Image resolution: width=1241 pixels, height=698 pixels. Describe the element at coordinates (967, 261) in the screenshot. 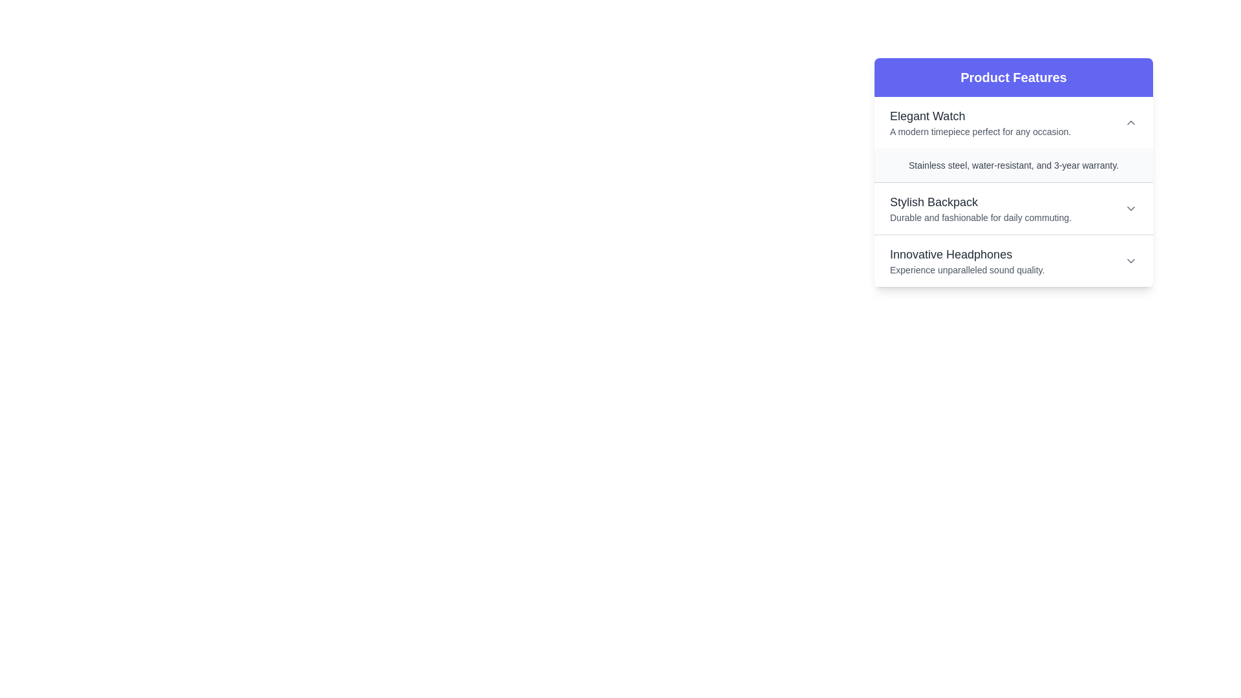

I see `the 'Innovative Headphones' text display component that provides key features of the product, located in the 'Product Features' section` at that location.